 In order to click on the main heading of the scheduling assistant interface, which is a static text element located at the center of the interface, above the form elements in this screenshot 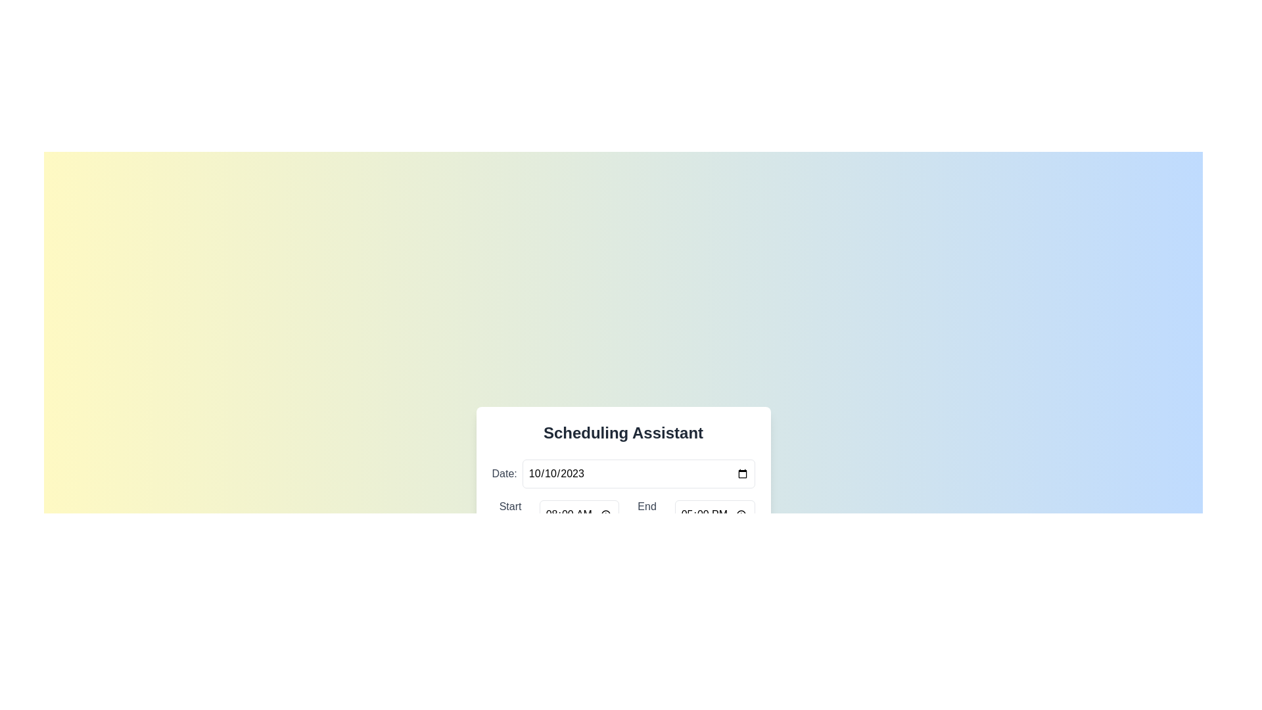, I will do `click(622, 433)`.